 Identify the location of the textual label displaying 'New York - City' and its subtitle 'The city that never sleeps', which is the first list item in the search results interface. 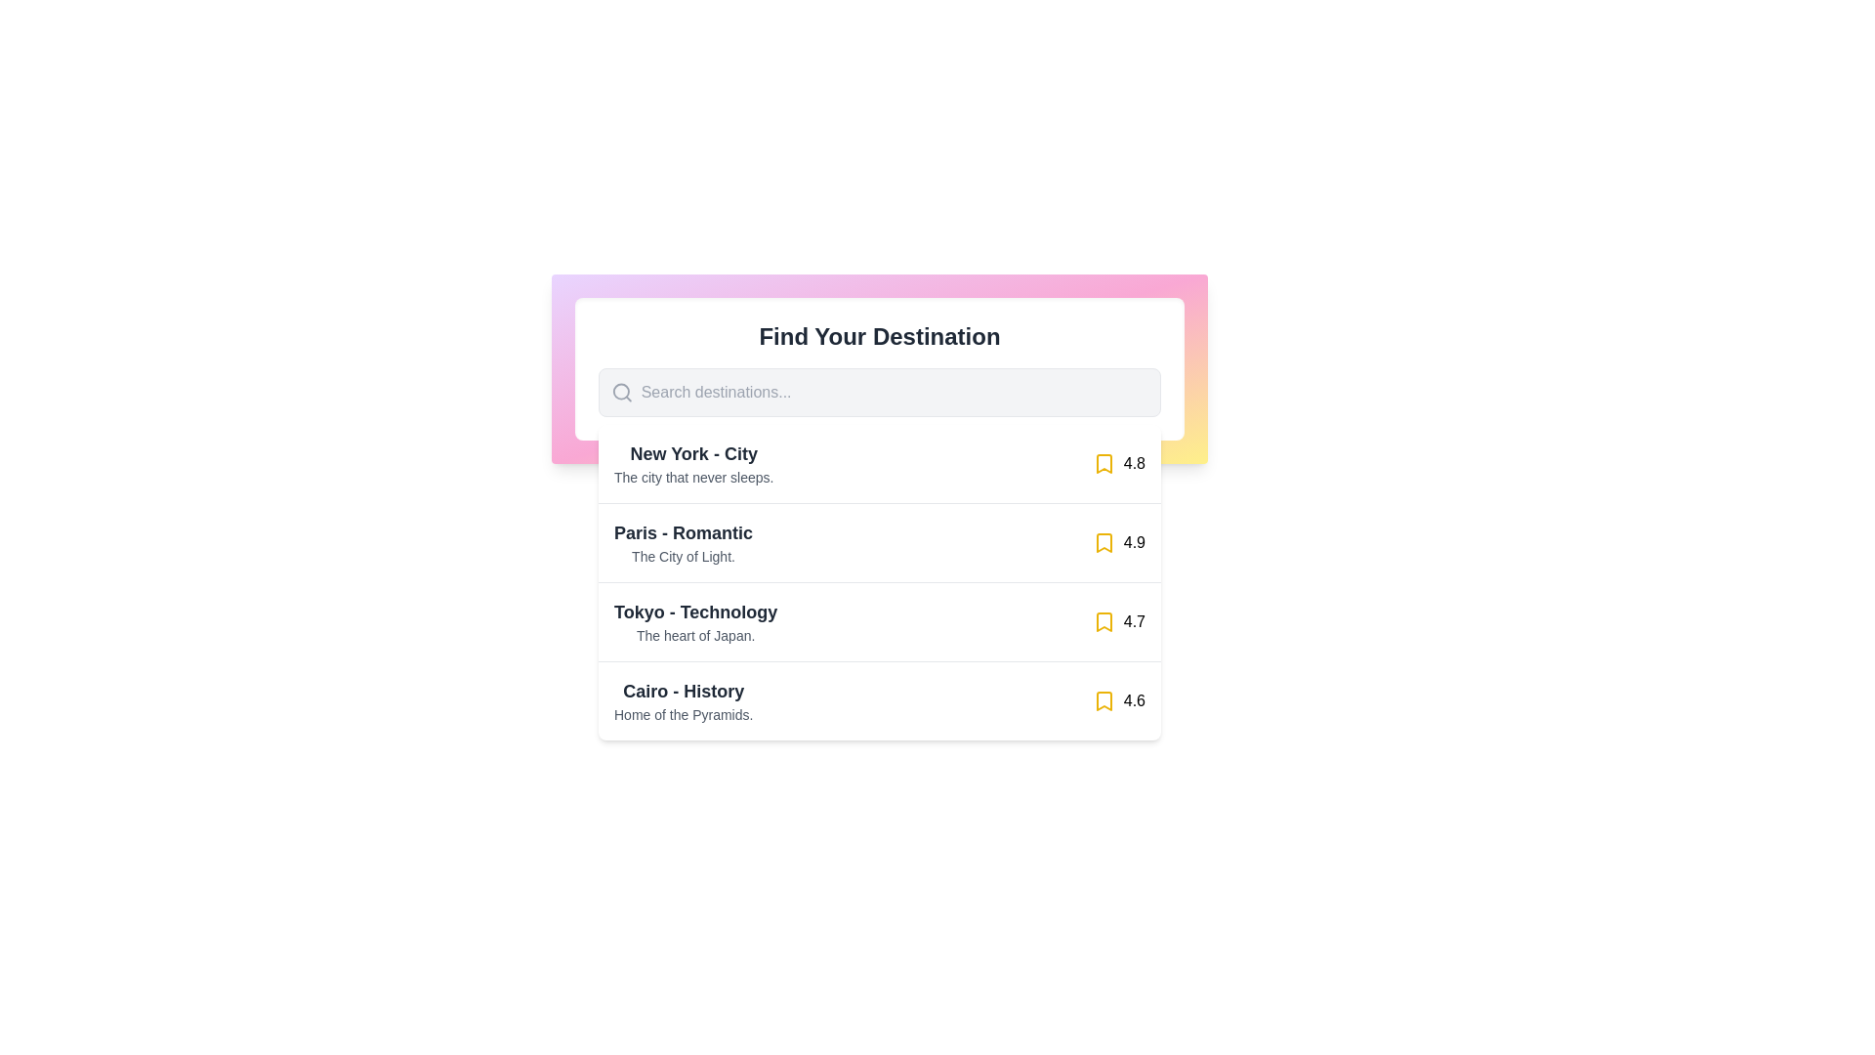
(693, 463).